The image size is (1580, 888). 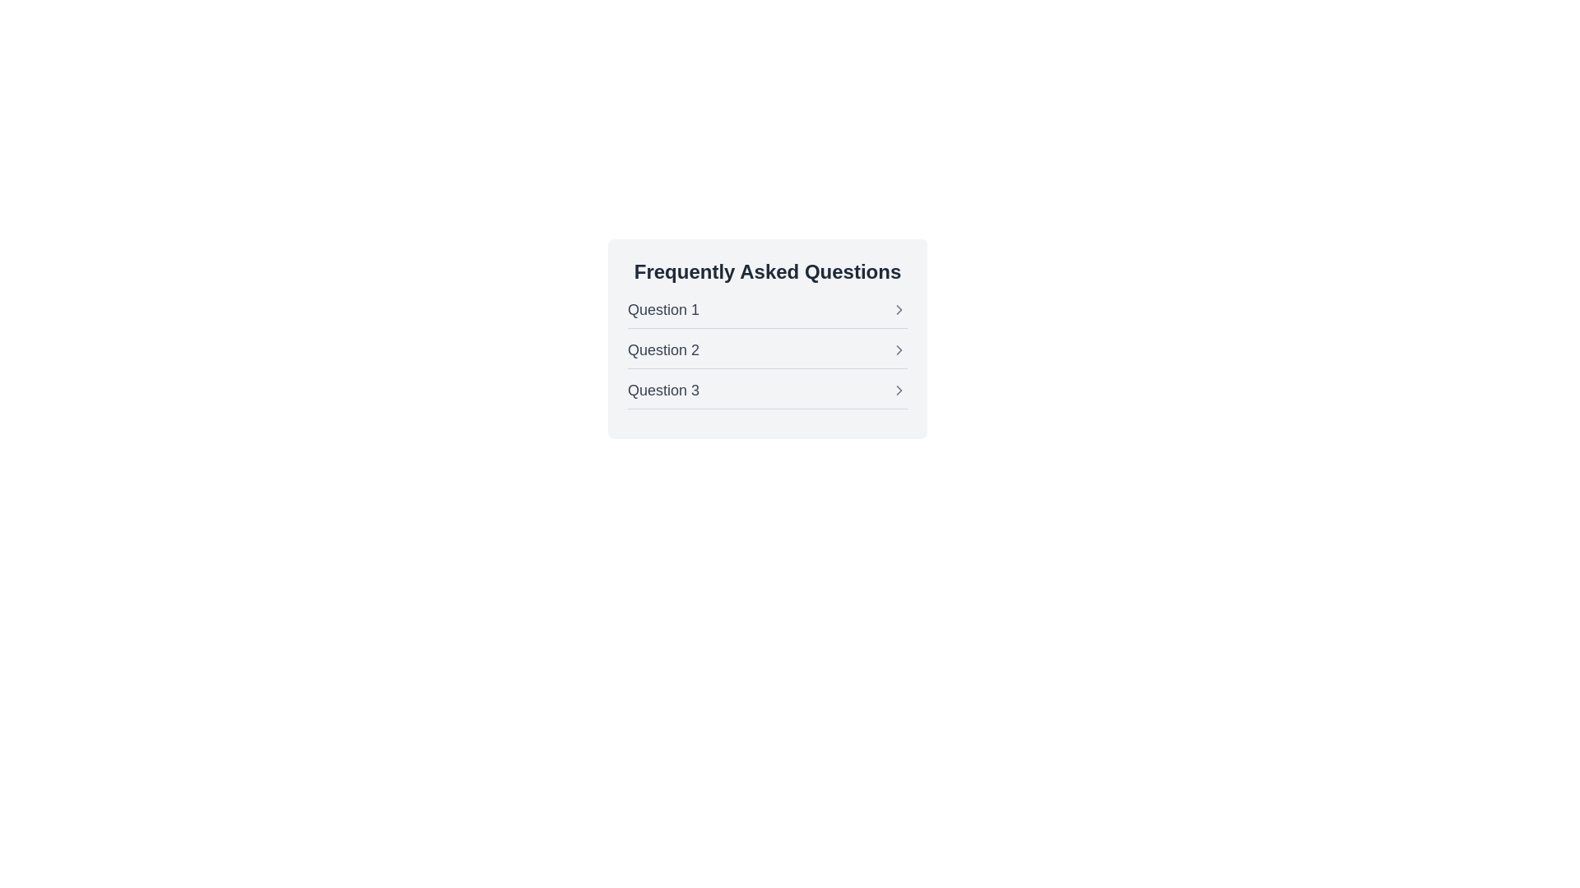 I want to click on the first List item under the section title 'Frequently Asked Questions', so click(x=766, y=310).